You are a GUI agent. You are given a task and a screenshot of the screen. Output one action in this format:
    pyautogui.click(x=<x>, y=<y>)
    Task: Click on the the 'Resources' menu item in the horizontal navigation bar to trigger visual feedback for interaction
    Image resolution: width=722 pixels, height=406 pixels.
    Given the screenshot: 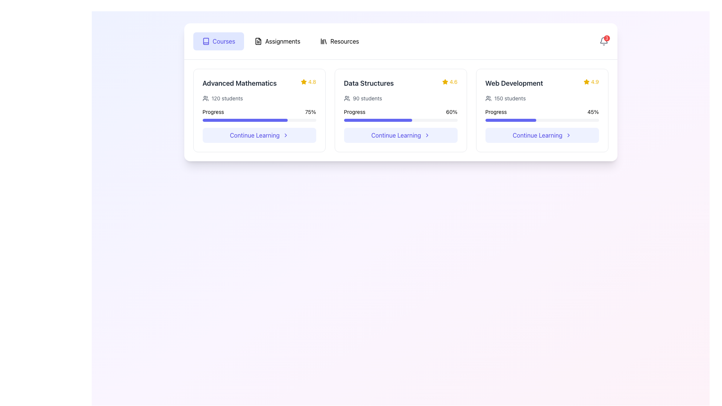 What is the action you would take?
    pyautogui.click(x=339, y=41)
    